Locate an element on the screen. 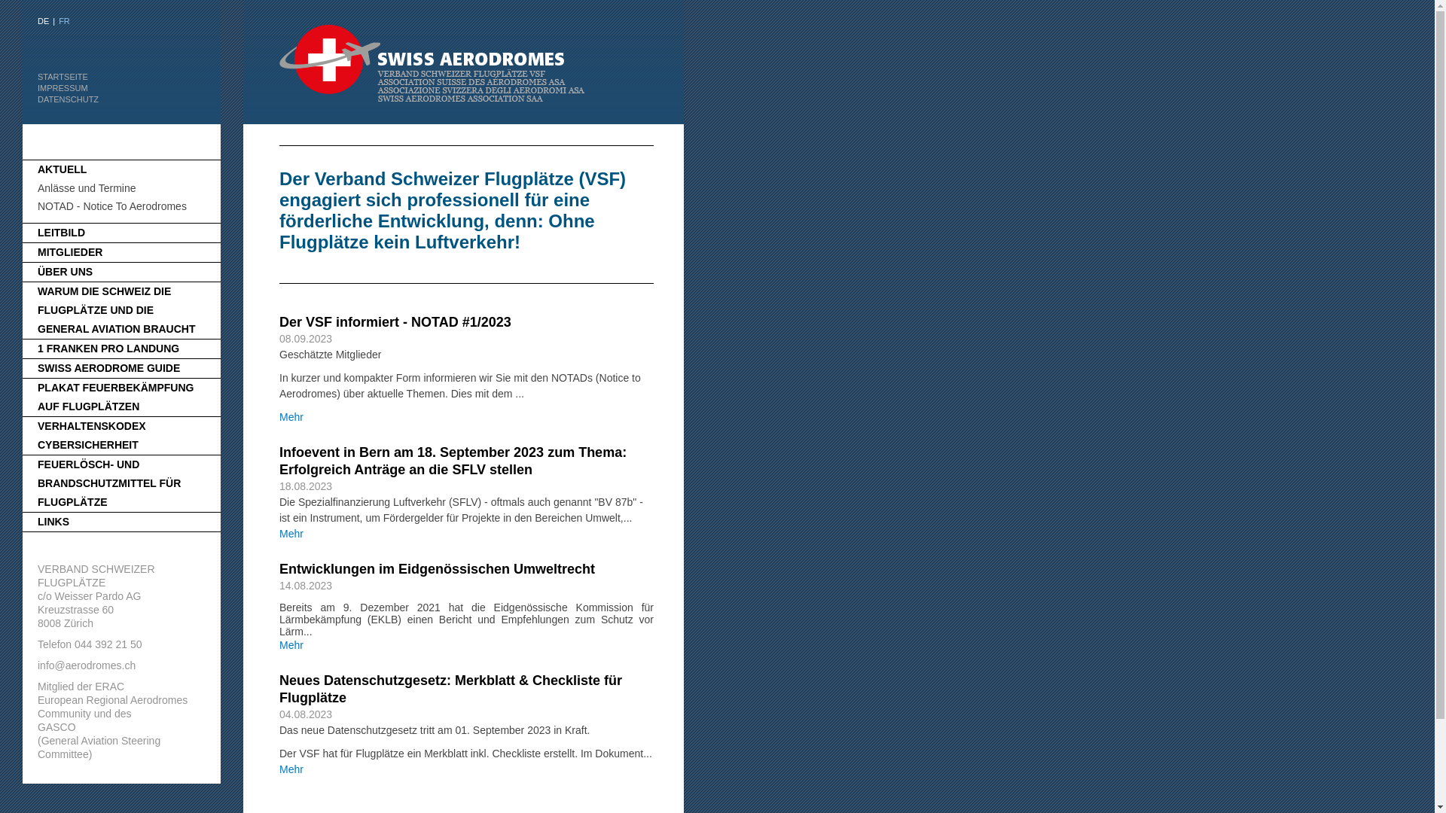 The width and height of the screenshot is (1446, 813). 'Der VSF informiert - NOTAD #1/2023' is located at coordinates (395, 321).